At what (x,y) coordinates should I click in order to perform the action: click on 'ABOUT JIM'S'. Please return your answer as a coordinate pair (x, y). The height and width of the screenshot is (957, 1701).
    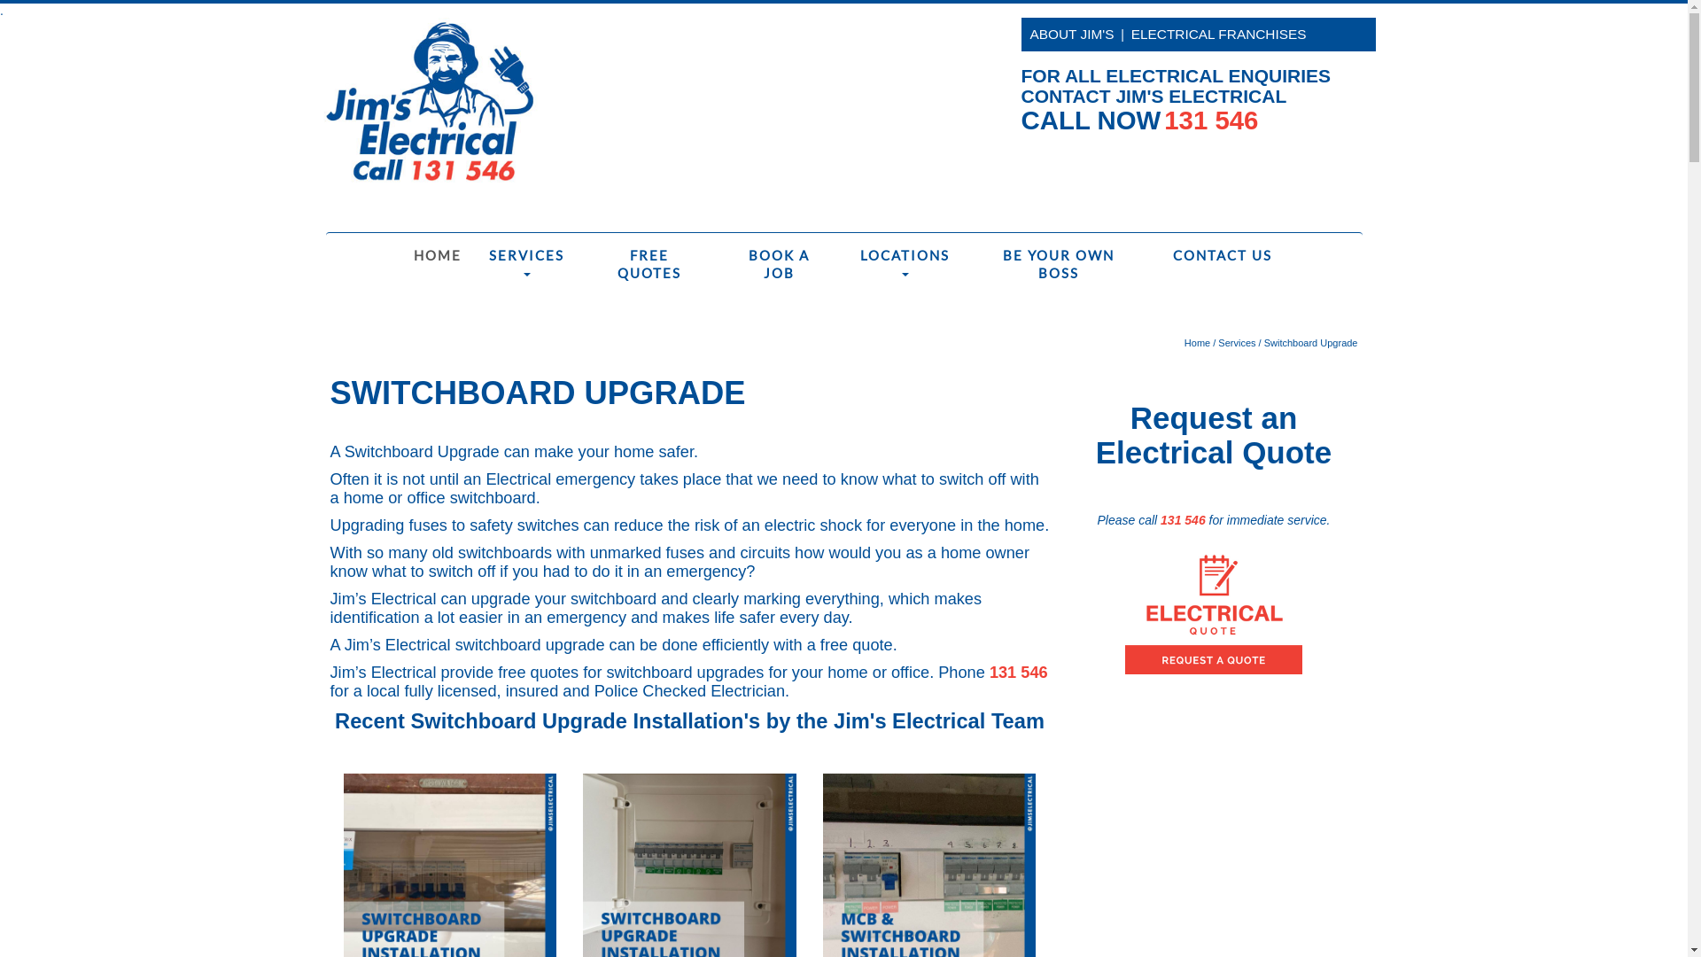
    Looking at the image, I should click on (1029, 34).